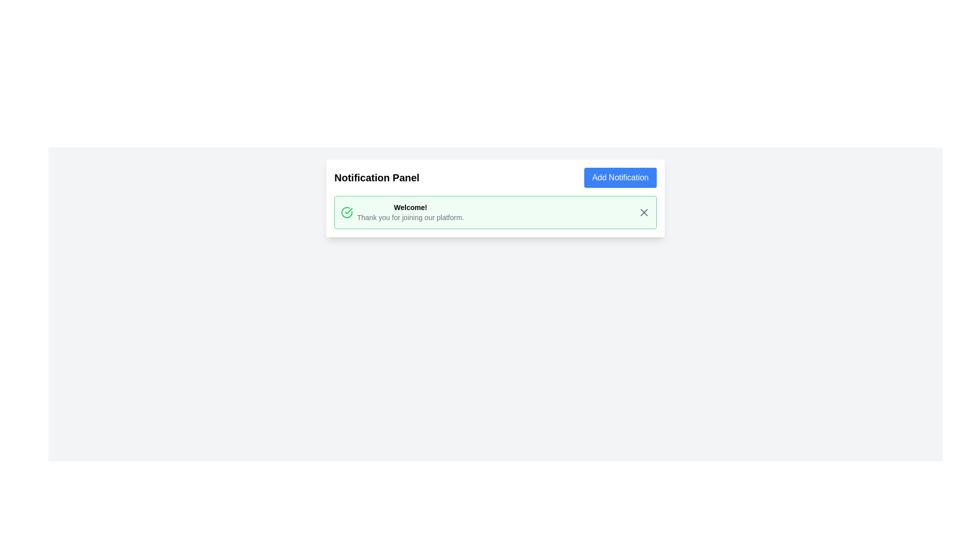 The width and height of the screenshot is (967, 544). Describe the element at coordinates (347, 212) in the screenshot. I see `the circular green checkmark icon located to the left of the 'Welcome!' text in the notification card` at that location.